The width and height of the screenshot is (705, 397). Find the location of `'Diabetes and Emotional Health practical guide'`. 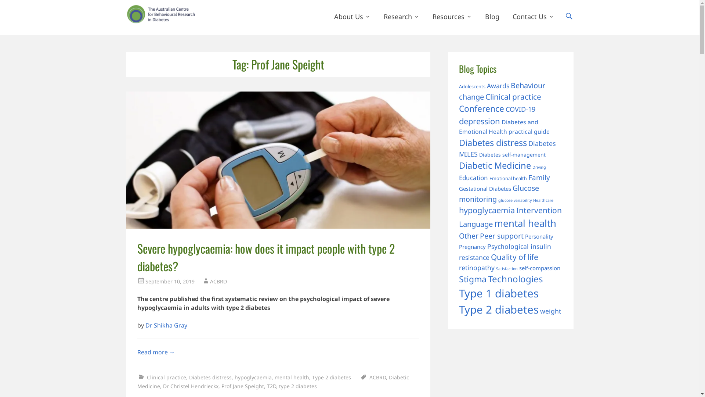

'Diabetes and Emotional Health practical guide' is located at coordinates (504, 126).